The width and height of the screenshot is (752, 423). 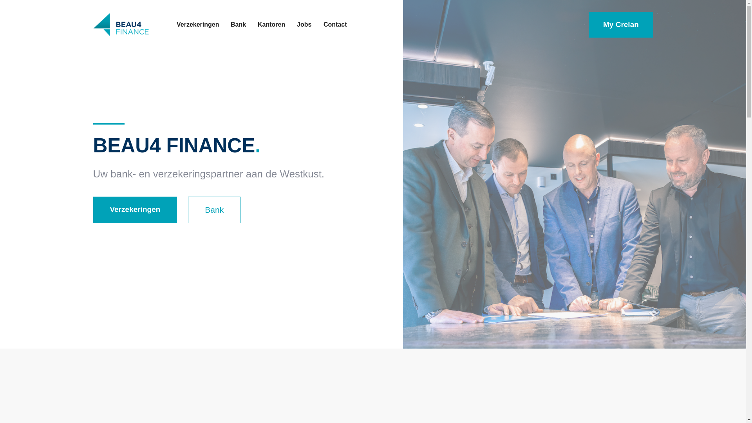 What do you see at coordinates (304, 24) in the screenshot?
I see `'Jobs'` at bounding box center [304, 24].